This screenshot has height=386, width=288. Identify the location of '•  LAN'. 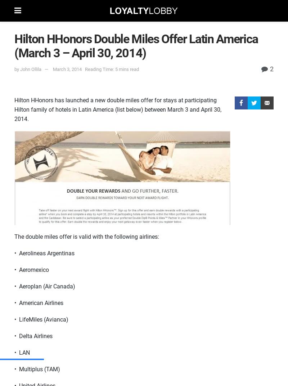
(22, 352).